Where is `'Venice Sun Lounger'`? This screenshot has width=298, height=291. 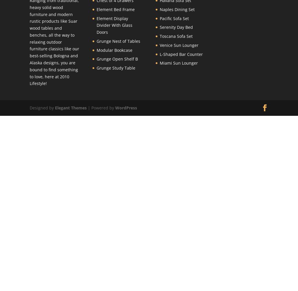
'Venice Sun Lounger' is located at coordinates (159, 45).